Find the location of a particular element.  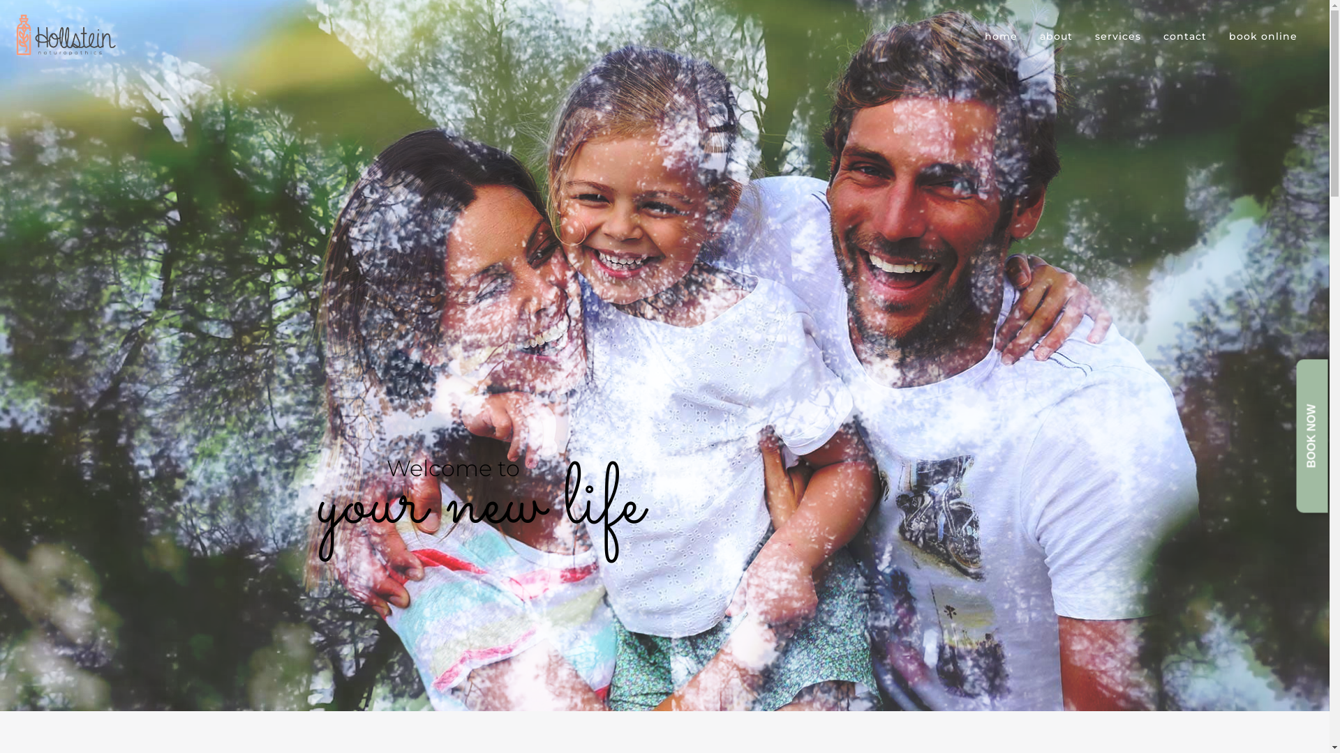

'contact' is located at coordinates (1184, 34).